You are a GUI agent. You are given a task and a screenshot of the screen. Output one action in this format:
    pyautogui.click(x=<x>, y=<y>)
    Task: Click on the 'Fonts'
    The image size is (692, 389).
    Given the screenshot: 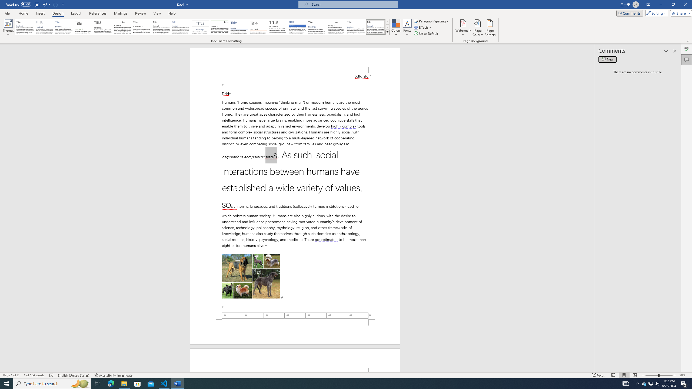 What is the action you would take?
    pyautogui.click(x=407, y=28)
    